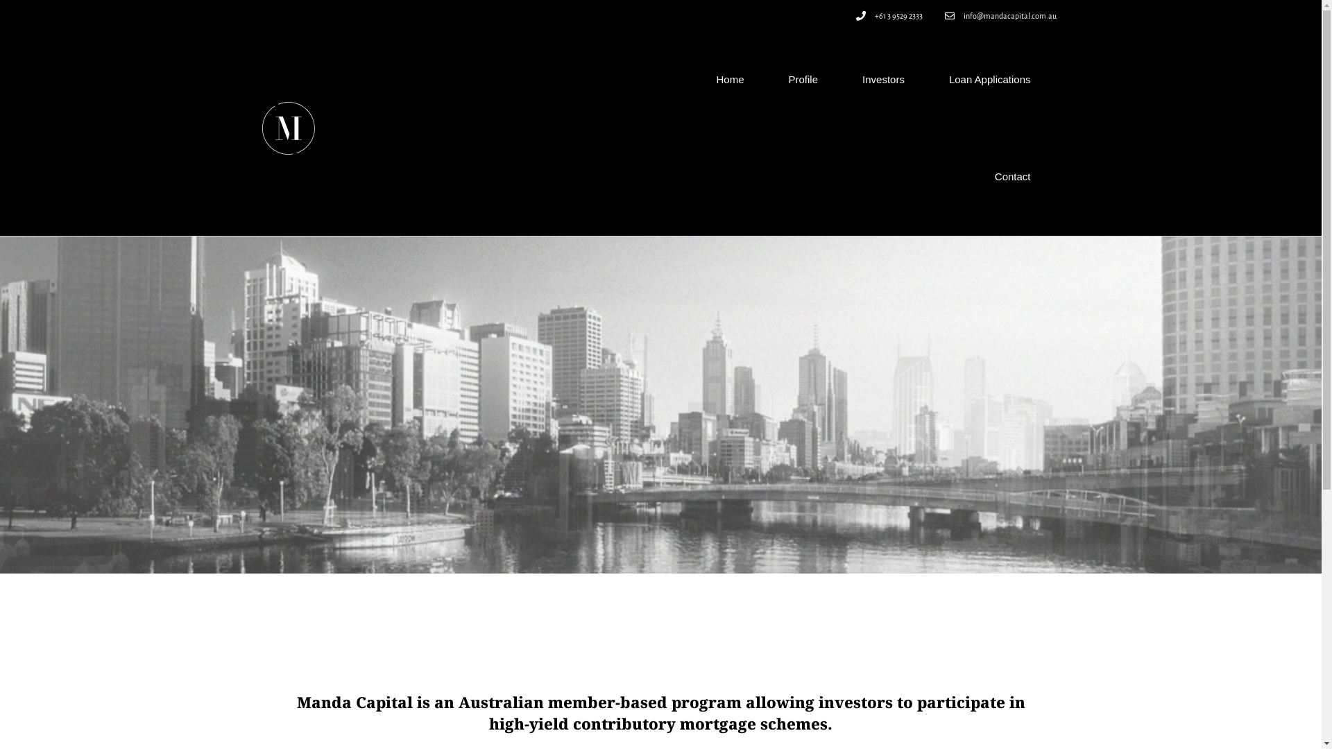 The width and height of the screenshot is (1332, 749). What do you see at coordinates (728, 80) in the screenshot?
I see `'Home'` at bounding box center [728, 80].